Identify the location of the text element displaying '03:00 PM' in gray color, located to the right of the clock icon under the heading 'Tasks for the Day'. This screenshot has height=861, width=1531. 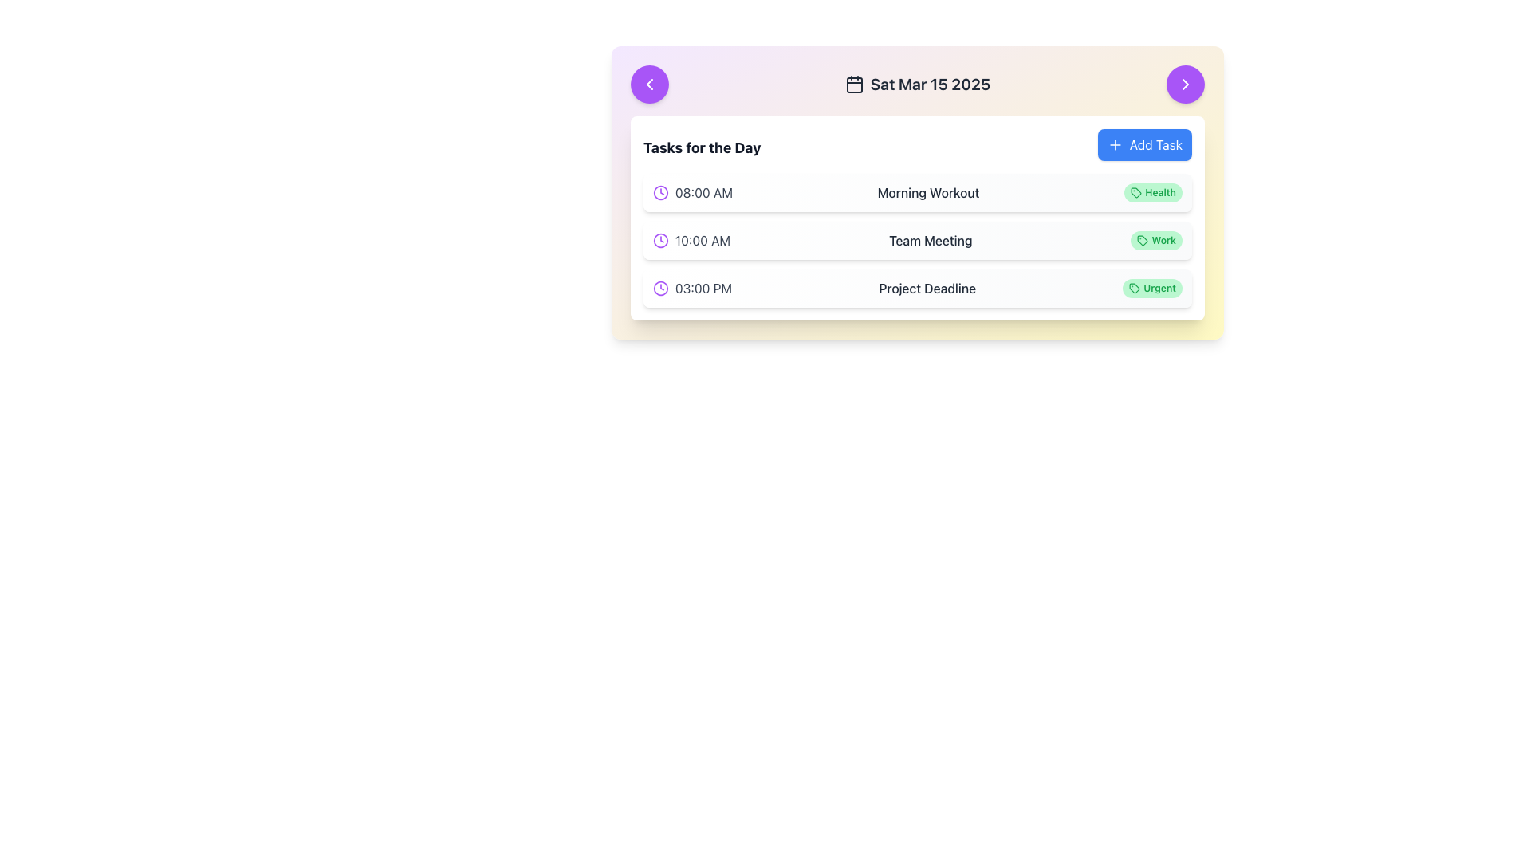
(703, 289).